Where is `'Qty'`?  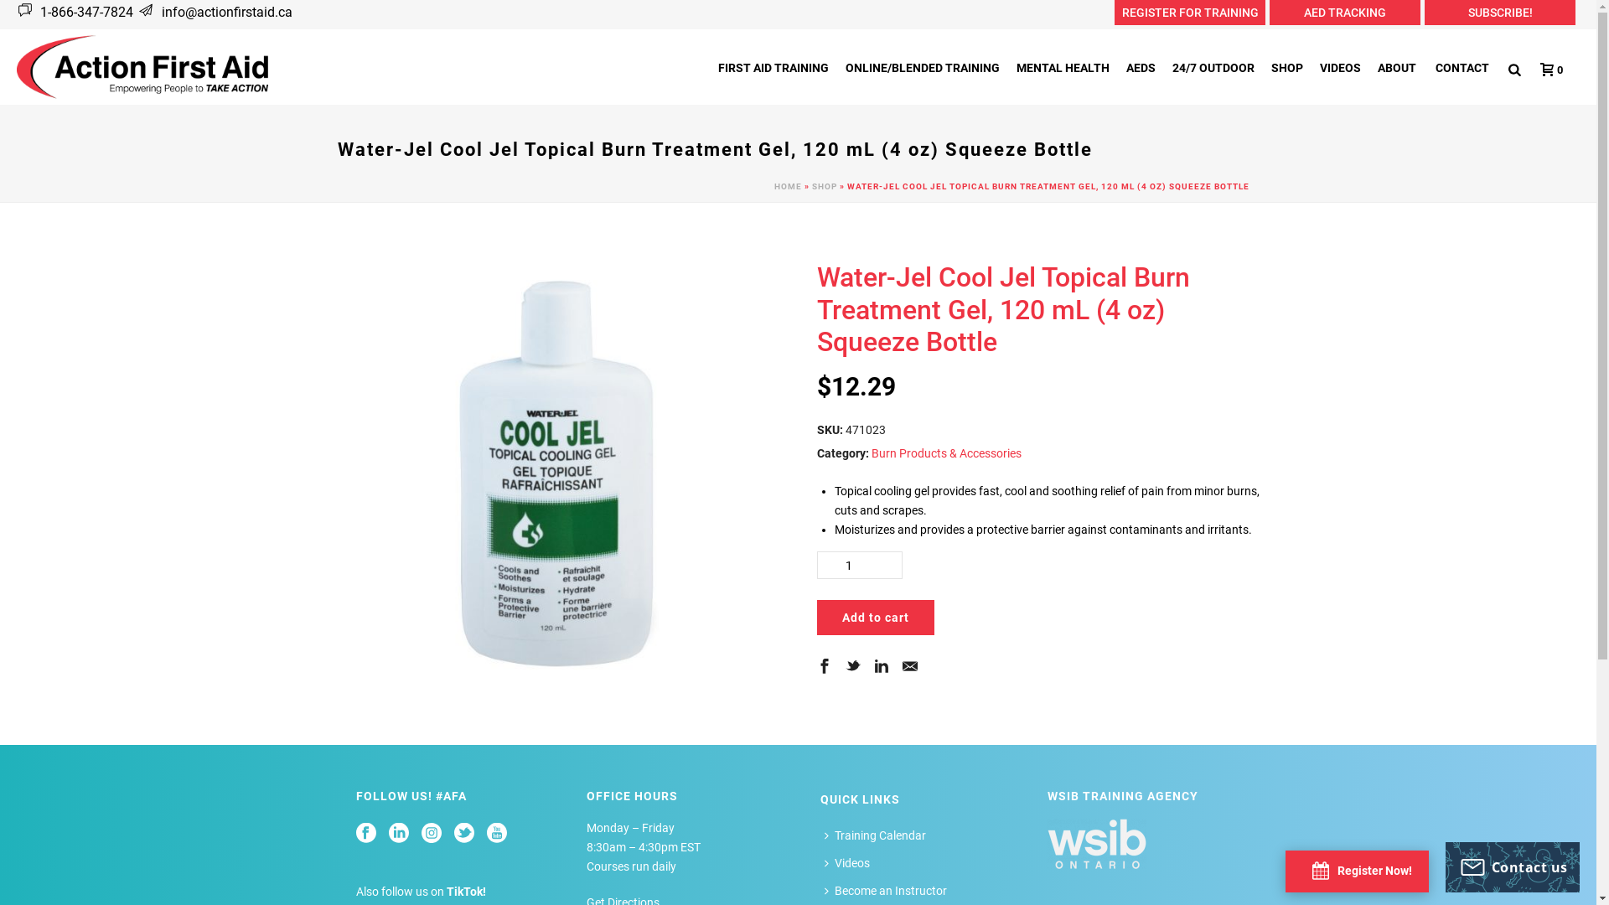 'Qty' is located at coordinates (859, 565).